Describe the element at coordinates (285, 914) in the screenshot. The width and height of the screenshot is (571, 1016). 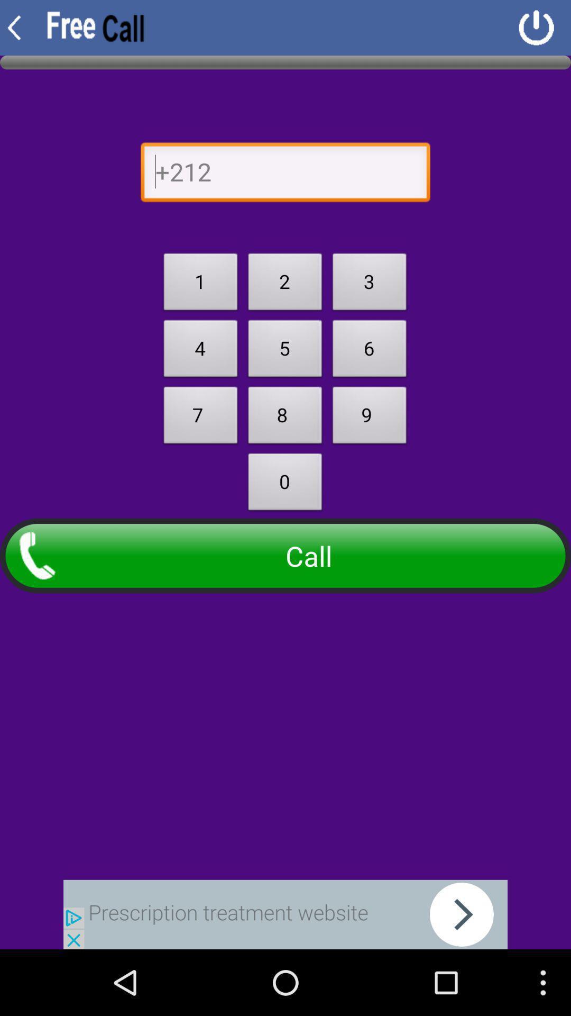
I see `back` at that location.